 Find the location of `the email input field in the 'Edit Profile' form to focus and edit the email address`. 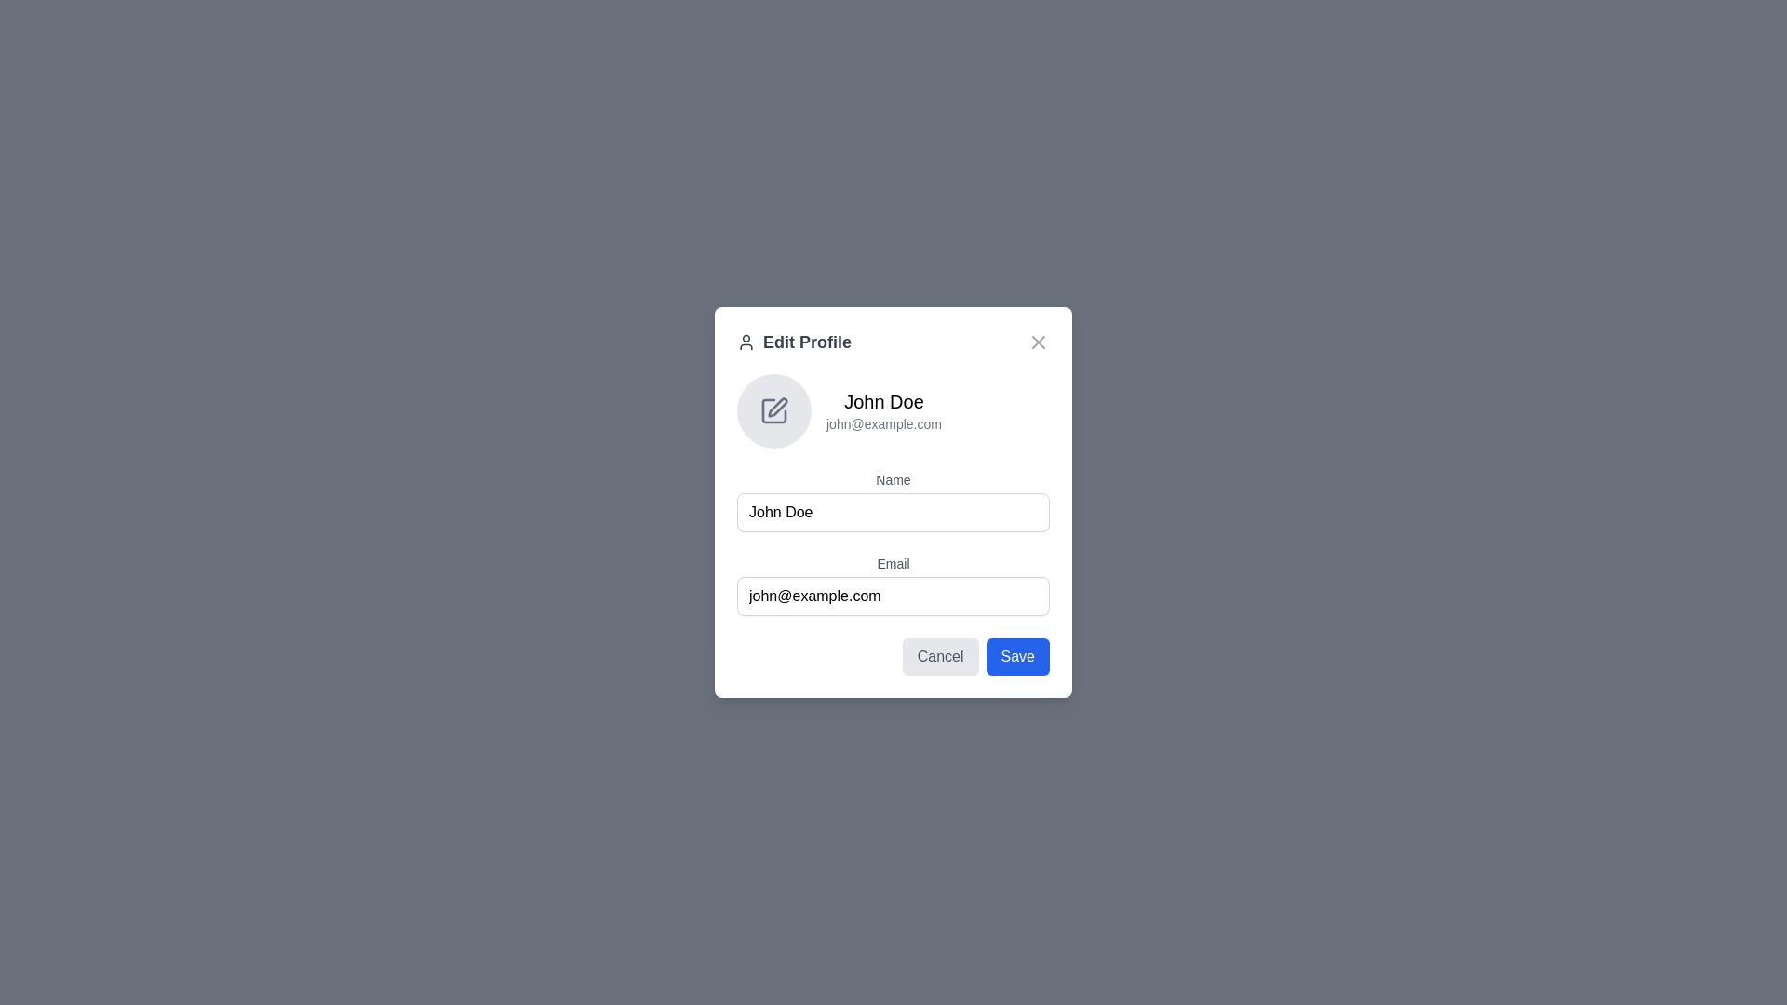

the email input field in the 'Edit Profile' form to focus and edit the email address is located at coordinates (893, 583).